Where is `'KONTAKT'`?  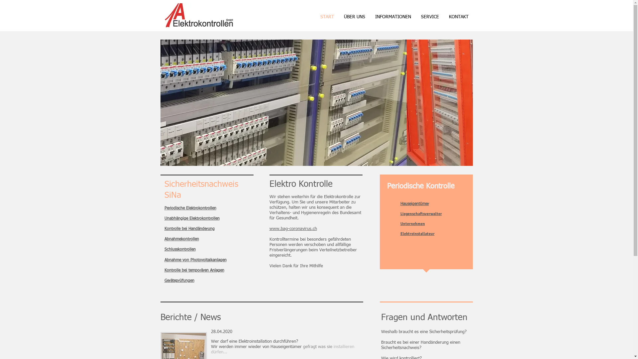 'KONTAKT' is located at coordinates (458, 17).